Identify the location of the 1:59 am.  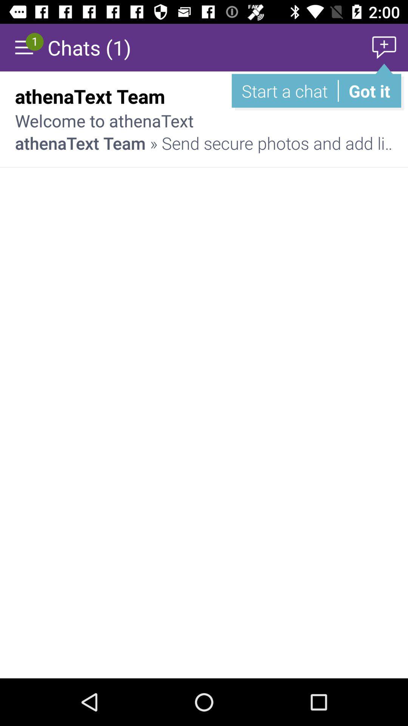
(366, 96).